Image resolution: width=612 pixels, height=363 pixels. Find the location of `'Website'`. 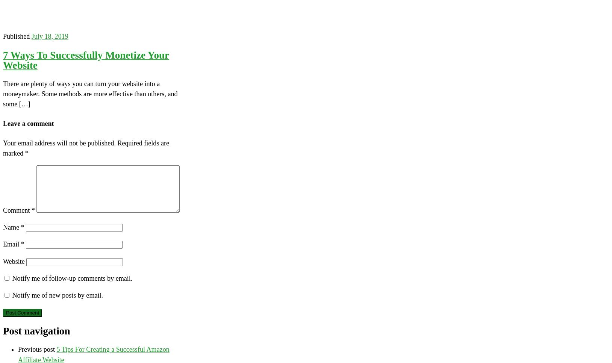

'Website' is located at coordinates (2, 261).